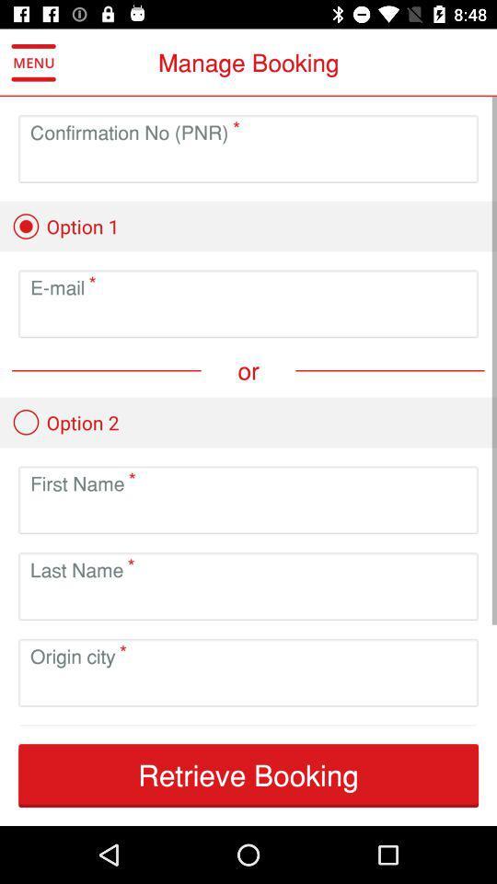 The image size is (497, 884). Describe the element at coordinates (64, 422) in the screenshot. I see `the icon above first name` at that location.